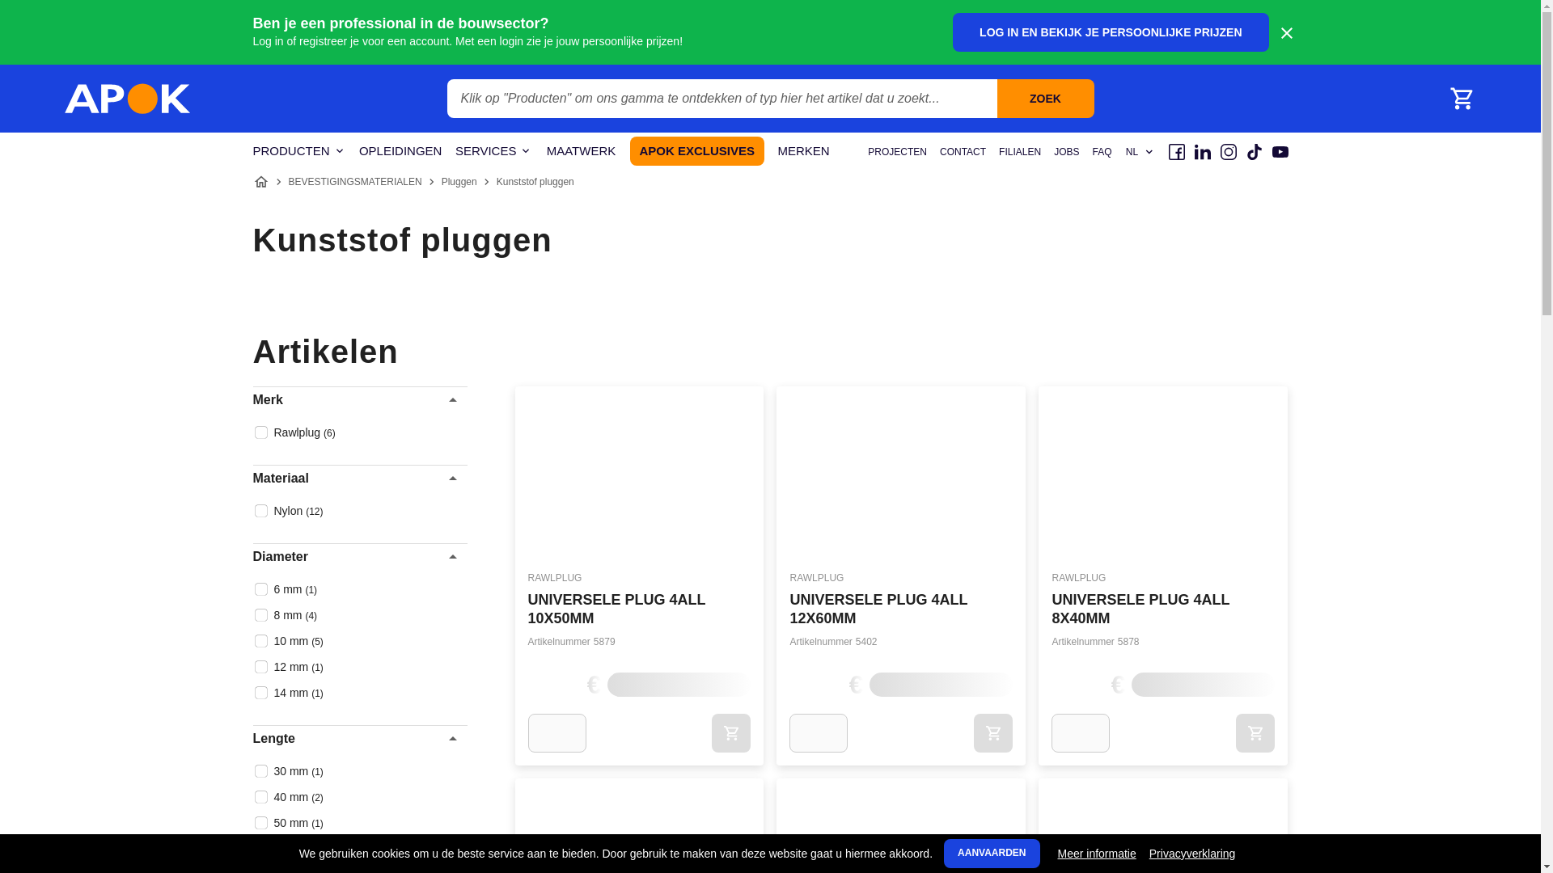 The width and height of the screenshot is (1553, 873). What do you see at coordinates (458, 181) in the screenshot?
I see `'Pluggen'` at bounding box center [458, 181].